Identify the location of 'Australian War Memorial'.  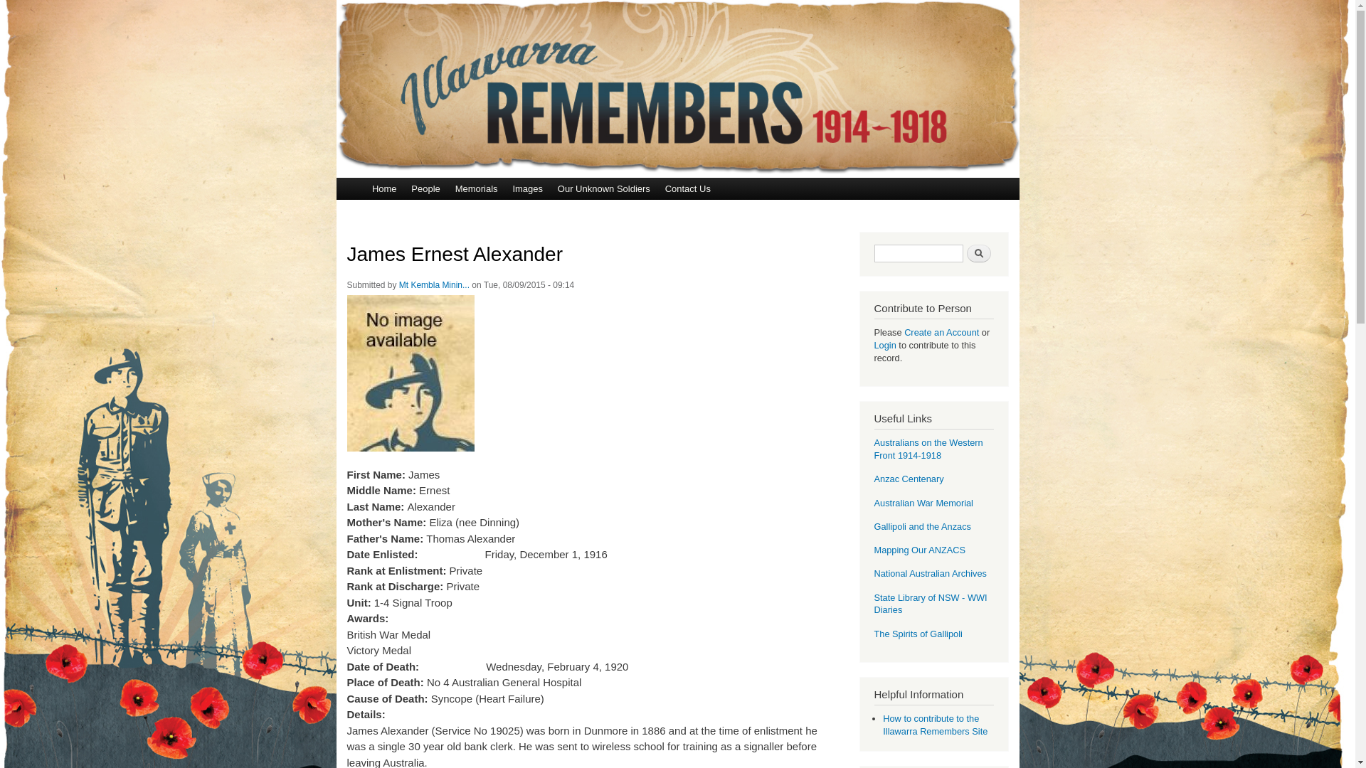
(923, 502).